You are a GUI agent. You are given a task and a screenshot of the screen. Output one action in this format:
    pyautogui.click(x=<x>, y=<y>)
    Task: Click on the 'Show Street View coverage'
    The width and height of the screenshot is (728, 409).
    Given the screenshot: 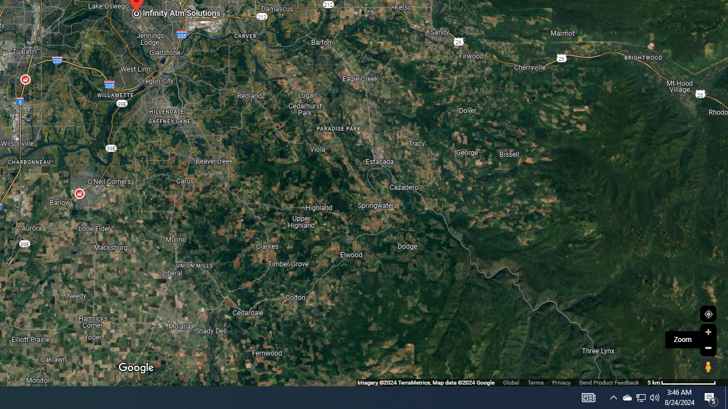 What is the action you would take?
    pyautogui.click(x=708, y=366)
    